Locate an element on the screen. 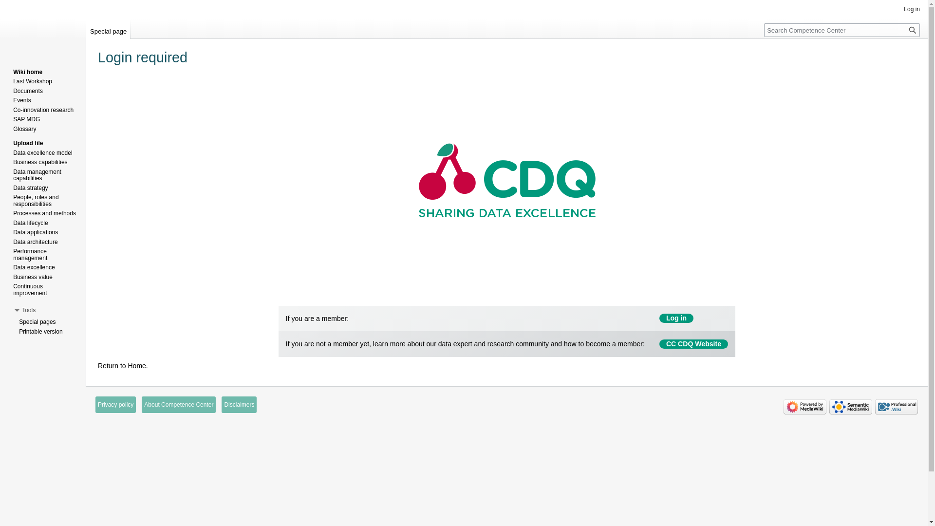  'Disclaimers' is located at coordinates (239, 404).